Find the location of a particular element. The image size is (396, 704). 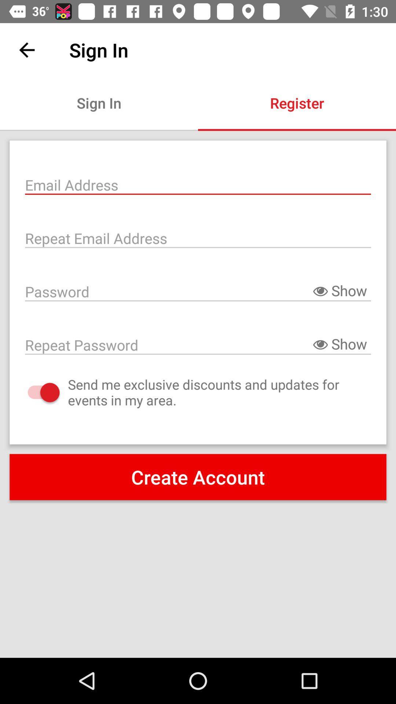

registration field is located at coordinates (198, 184).